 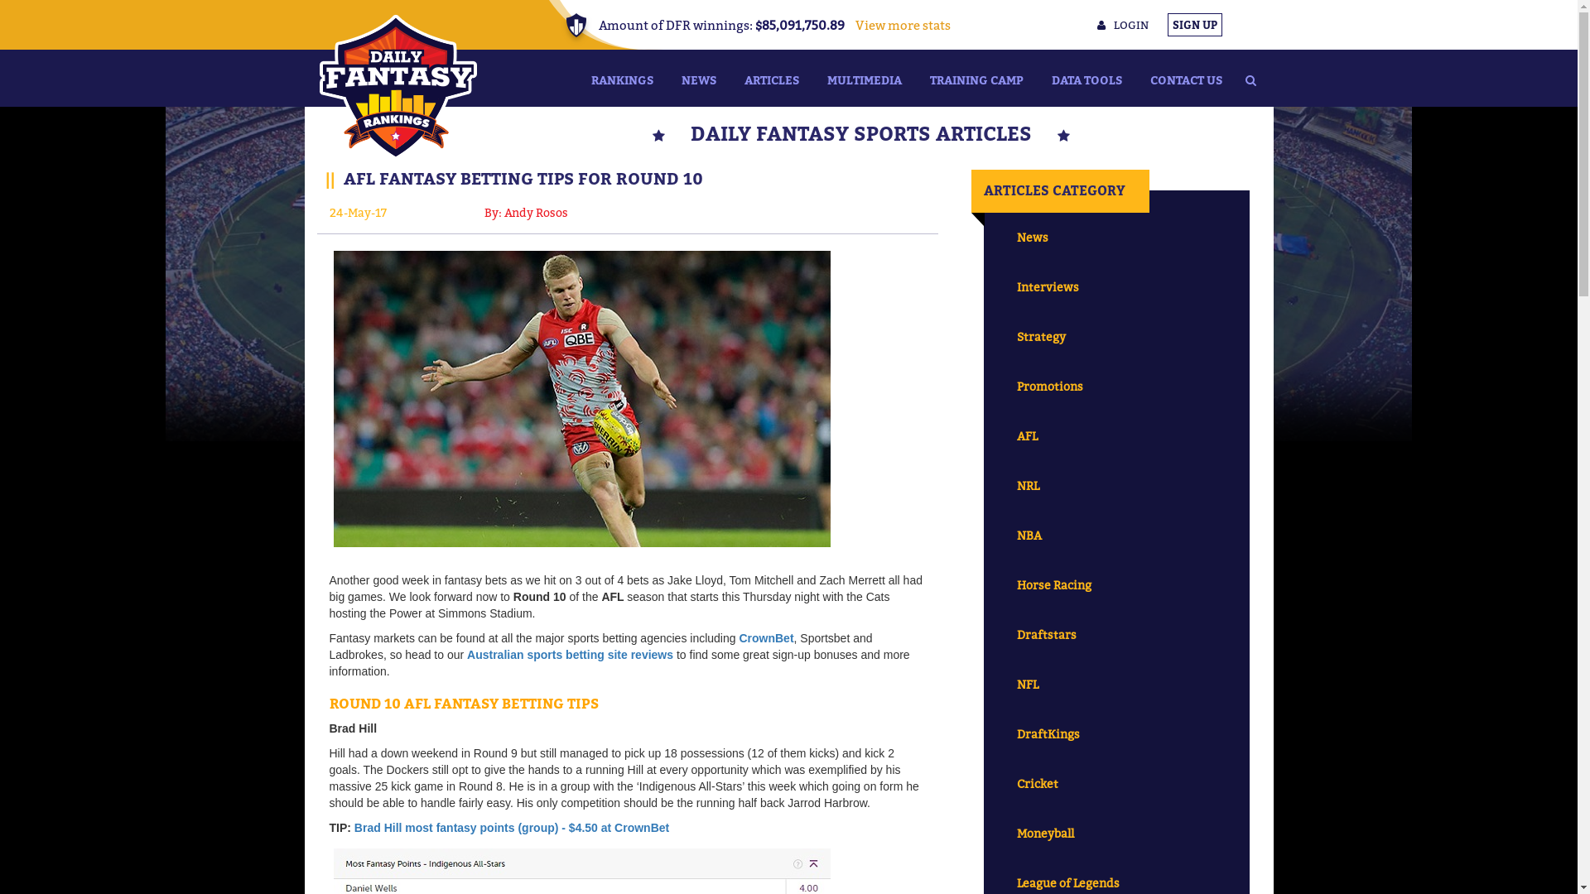 I want to click on 'RANKINGS', so click(x=620, y=78).